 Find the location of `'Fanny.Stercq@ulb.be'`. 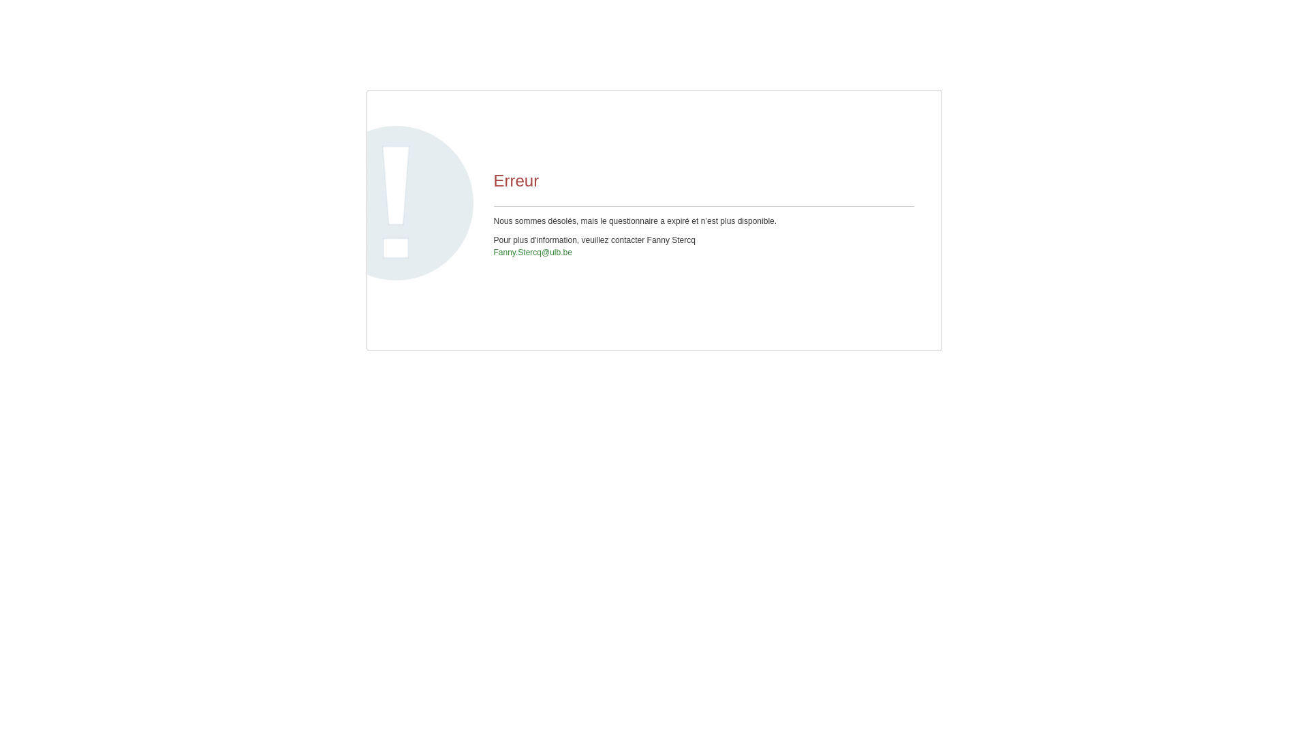

'Fanny.Stercq@ulb.be' is located at coordinates (531, 252).